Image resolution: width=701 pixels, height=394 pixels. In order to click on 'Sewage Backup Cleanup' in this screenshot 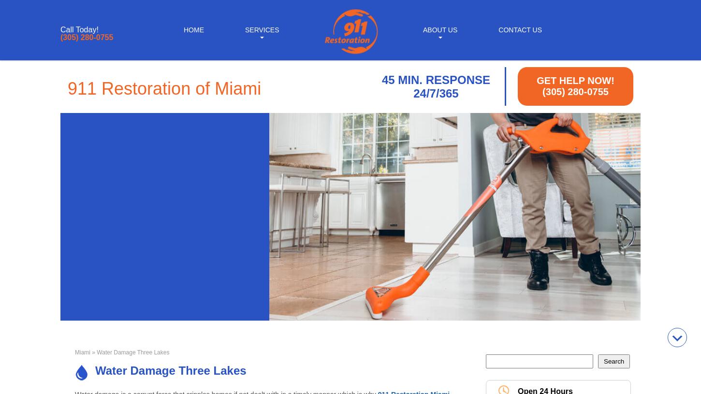, I will do `click(261, 81)`.